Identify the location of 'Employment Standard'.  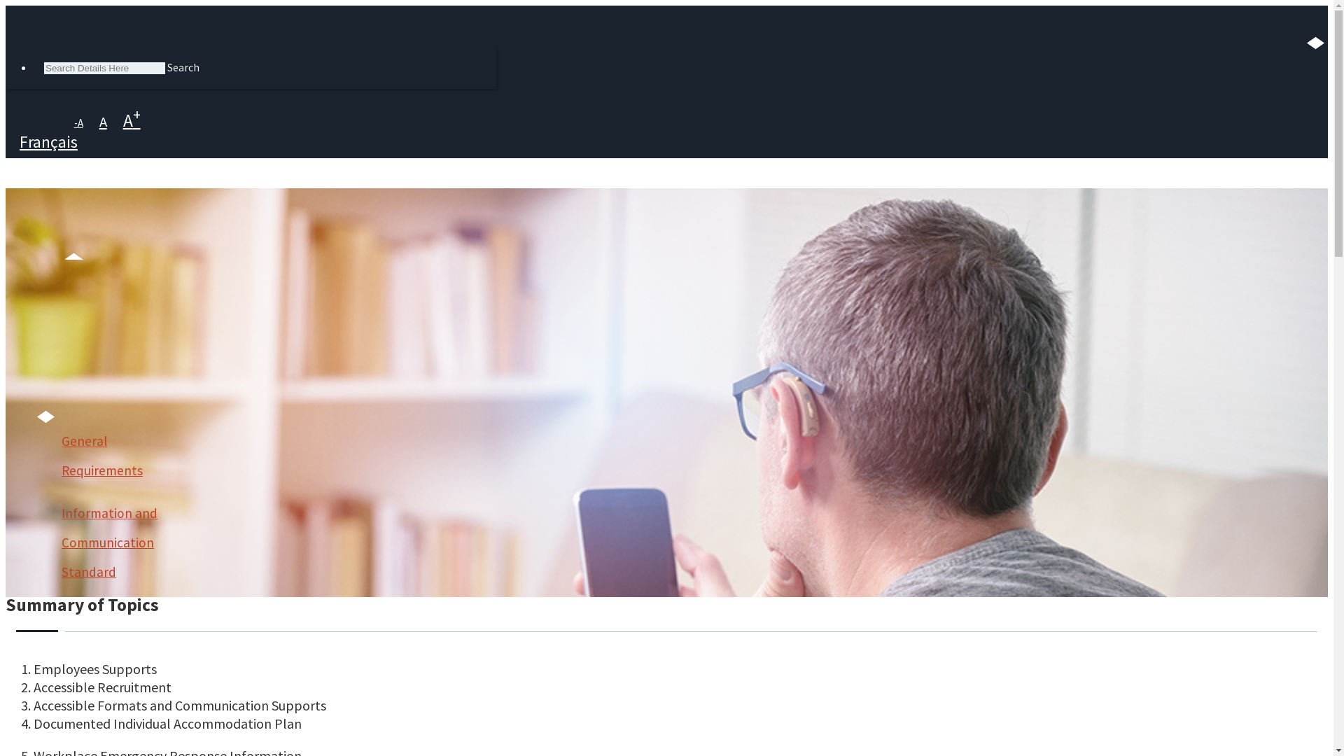
(60, 629).